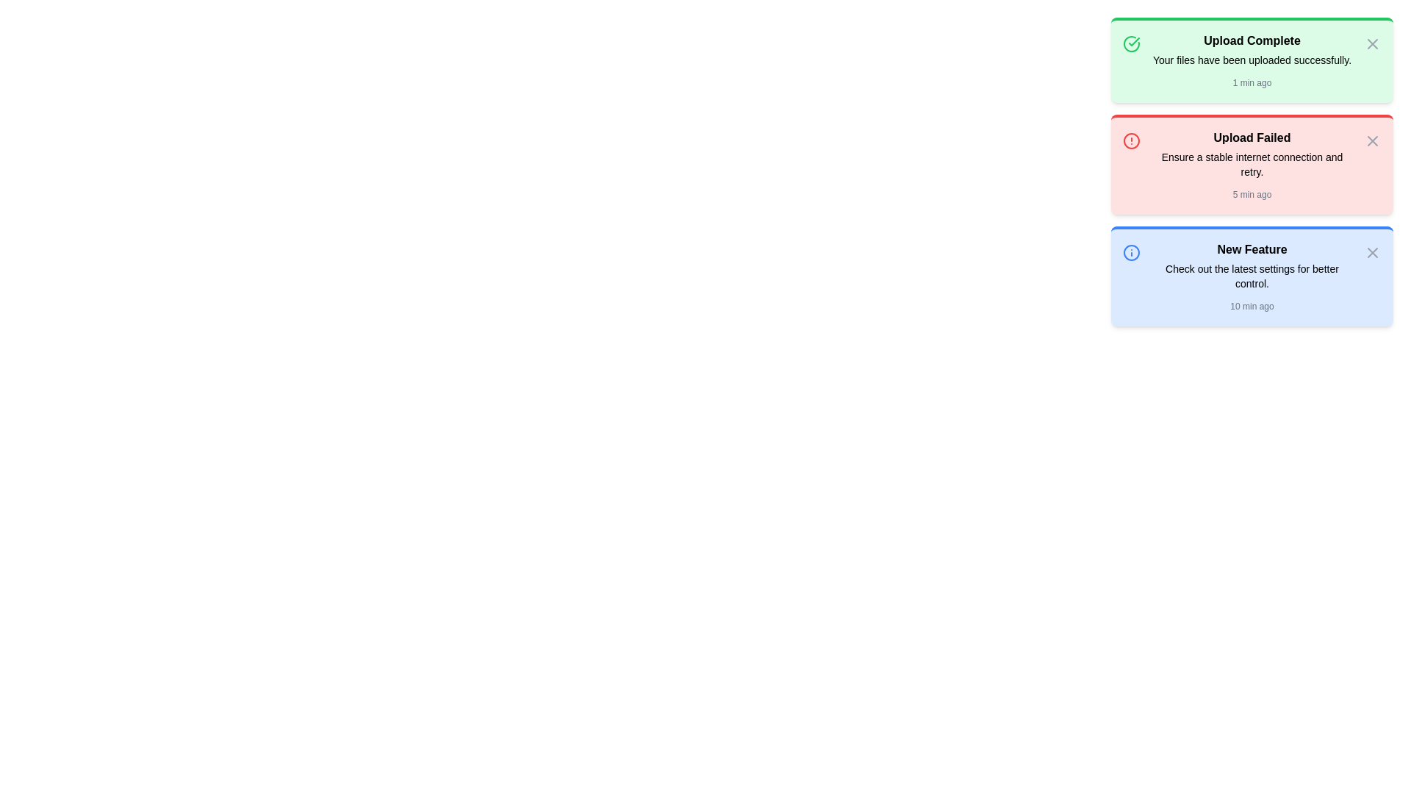  What do you see at coordinates (1252, 164) in the screenshot?
I see `text message that says 'Ensure a stable internet connection and retry.' which is styled in a smaller font size and located under the bold header 'Upload Failed' in a red background panel` at bounding box center [1252, 164].